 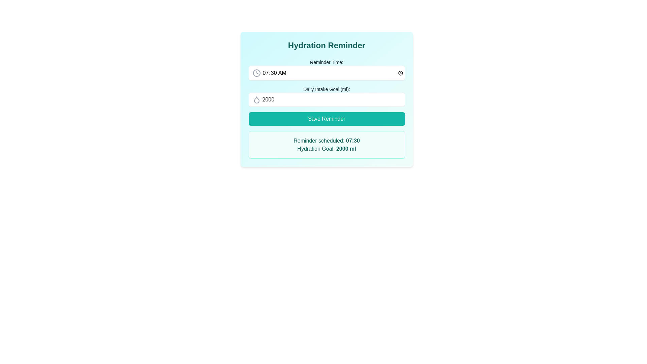 What do you see at coordinates (327, 144) in the screenshot?
I see `summarized information displayed in the textbox about the configured hydration reminder, which includes the schedule time and goal quantity of water` at bounding box center [327, 144].